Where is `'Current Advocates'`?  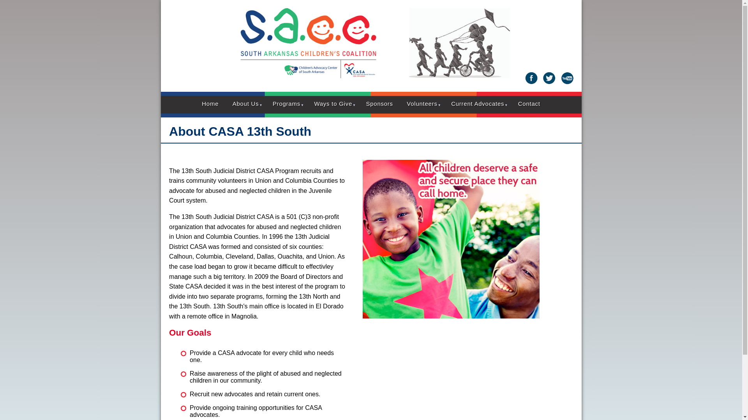
'Current Advocates' is located at coordinates (477, 103).